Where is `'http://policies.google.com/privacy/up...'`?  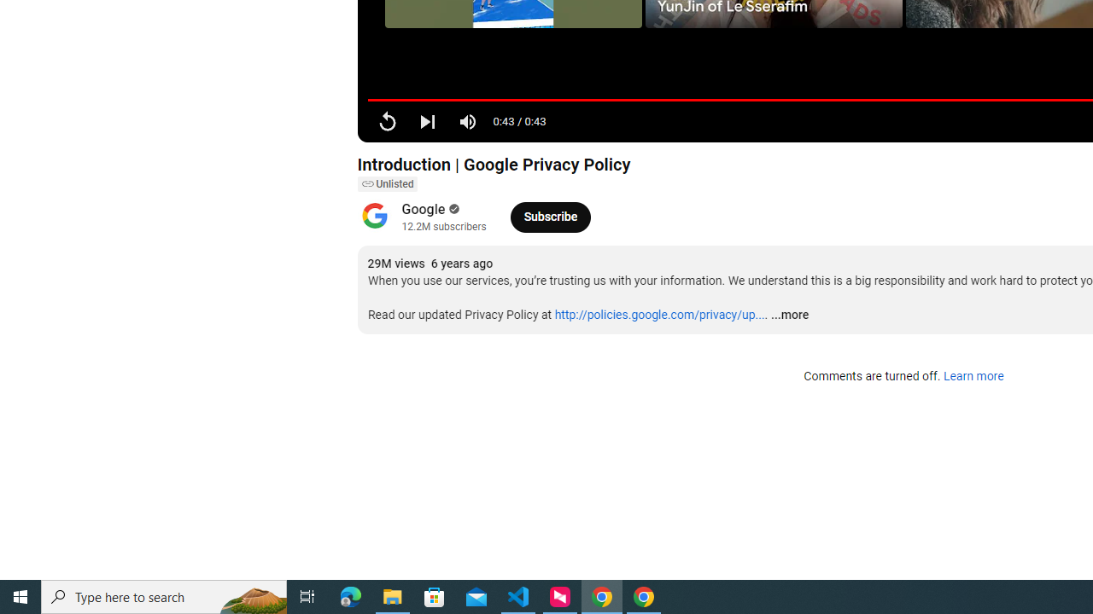
'http://policies.google.com/privacy/up...' is located at coordinates (658, 315).